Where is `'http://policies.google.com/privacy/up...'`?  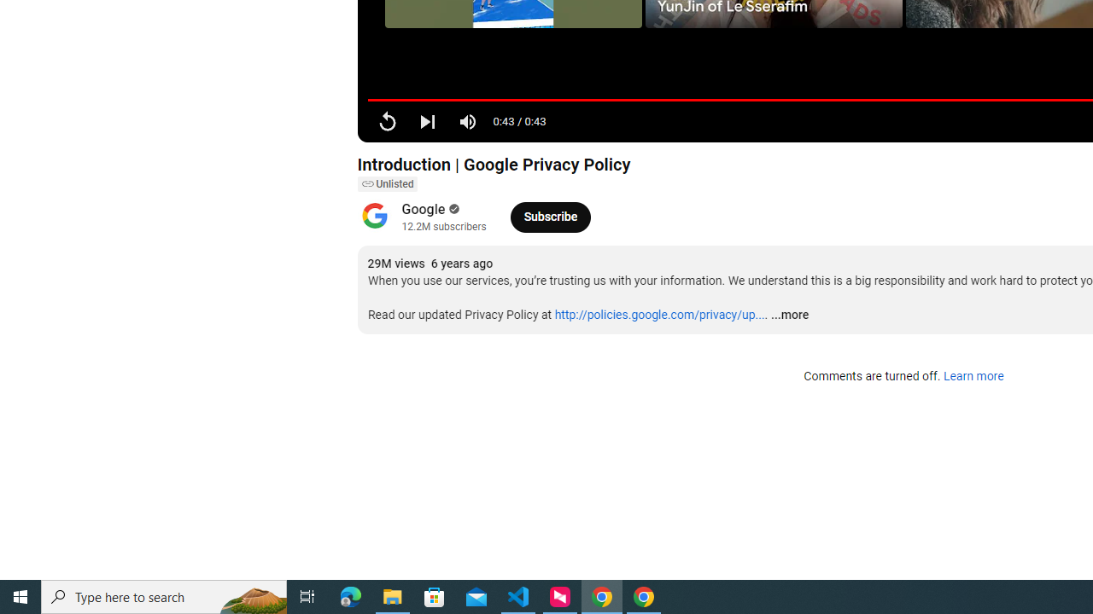
'http://policies.google.com/privacy/up...' is located at coordinates (658, 315).